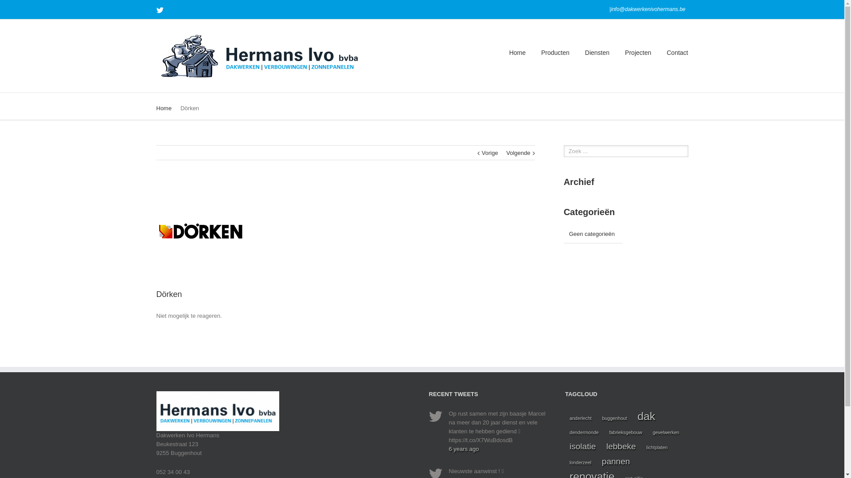 The image size is (851, 478). Describe the element at coordinates (676, 52) in the screenshot. I see `'Contact'` at that location.